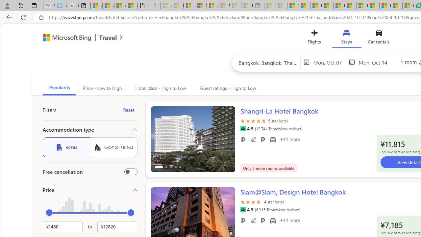  Describe the element at coordinates (251, 205) in the screenshot. I see `'star rating'` at that location.